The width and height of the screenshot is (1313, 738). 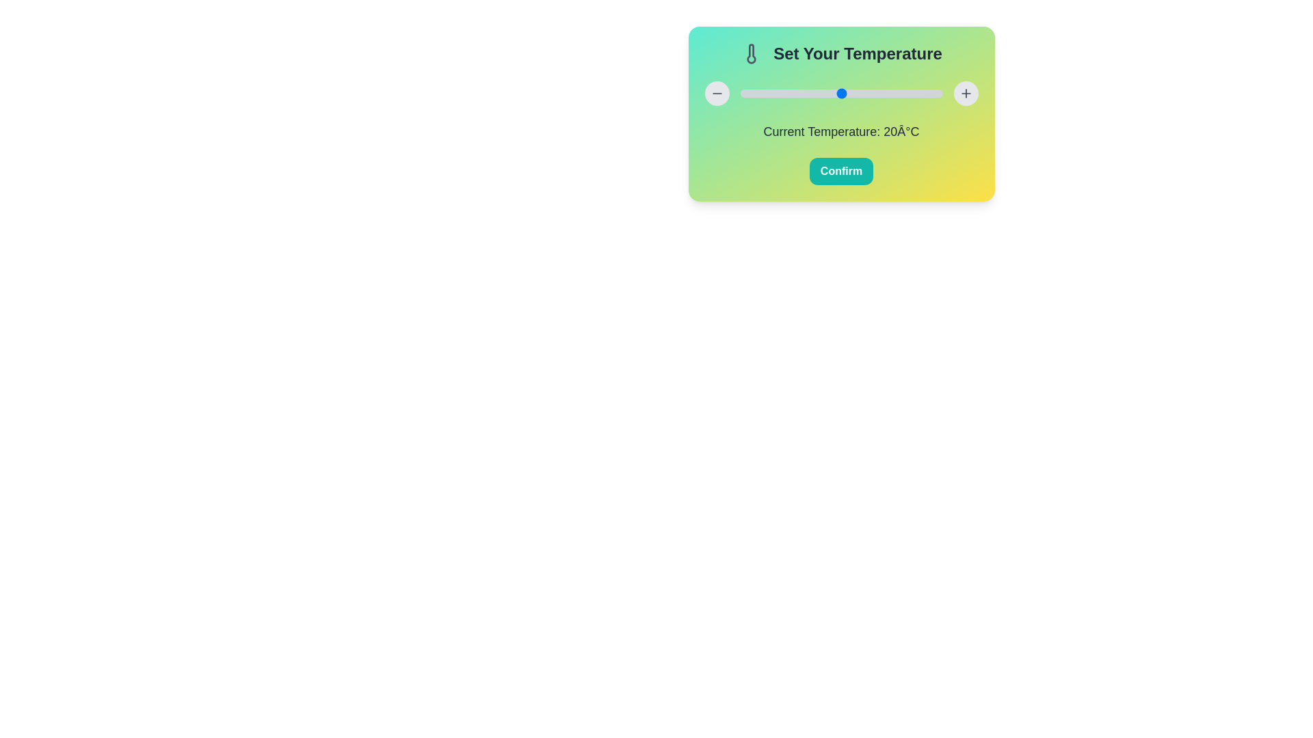 What do you see at coordinates (965, 93) in the screenshot?
I see `the '+' button to increase the temperature` at bounding box center [965, 93].